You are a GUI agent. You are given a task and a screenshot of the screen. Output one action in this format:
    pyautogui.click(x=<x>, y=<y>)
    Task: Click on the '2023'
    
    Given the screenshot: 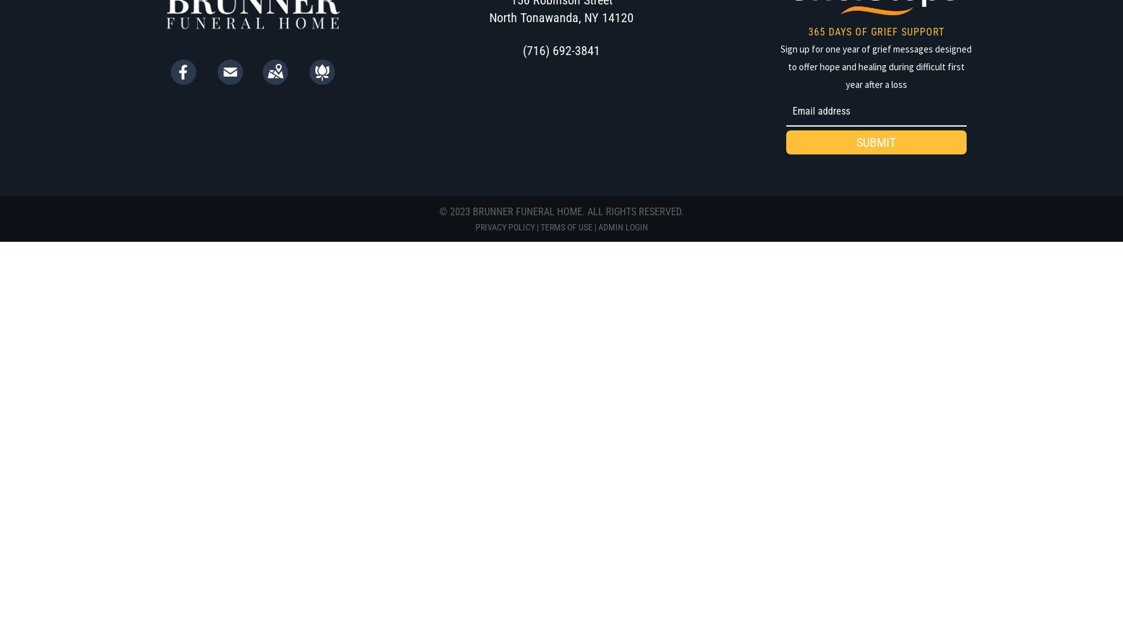 What is the action you would take?
    pyautogui.click(x=459, y=210)
    